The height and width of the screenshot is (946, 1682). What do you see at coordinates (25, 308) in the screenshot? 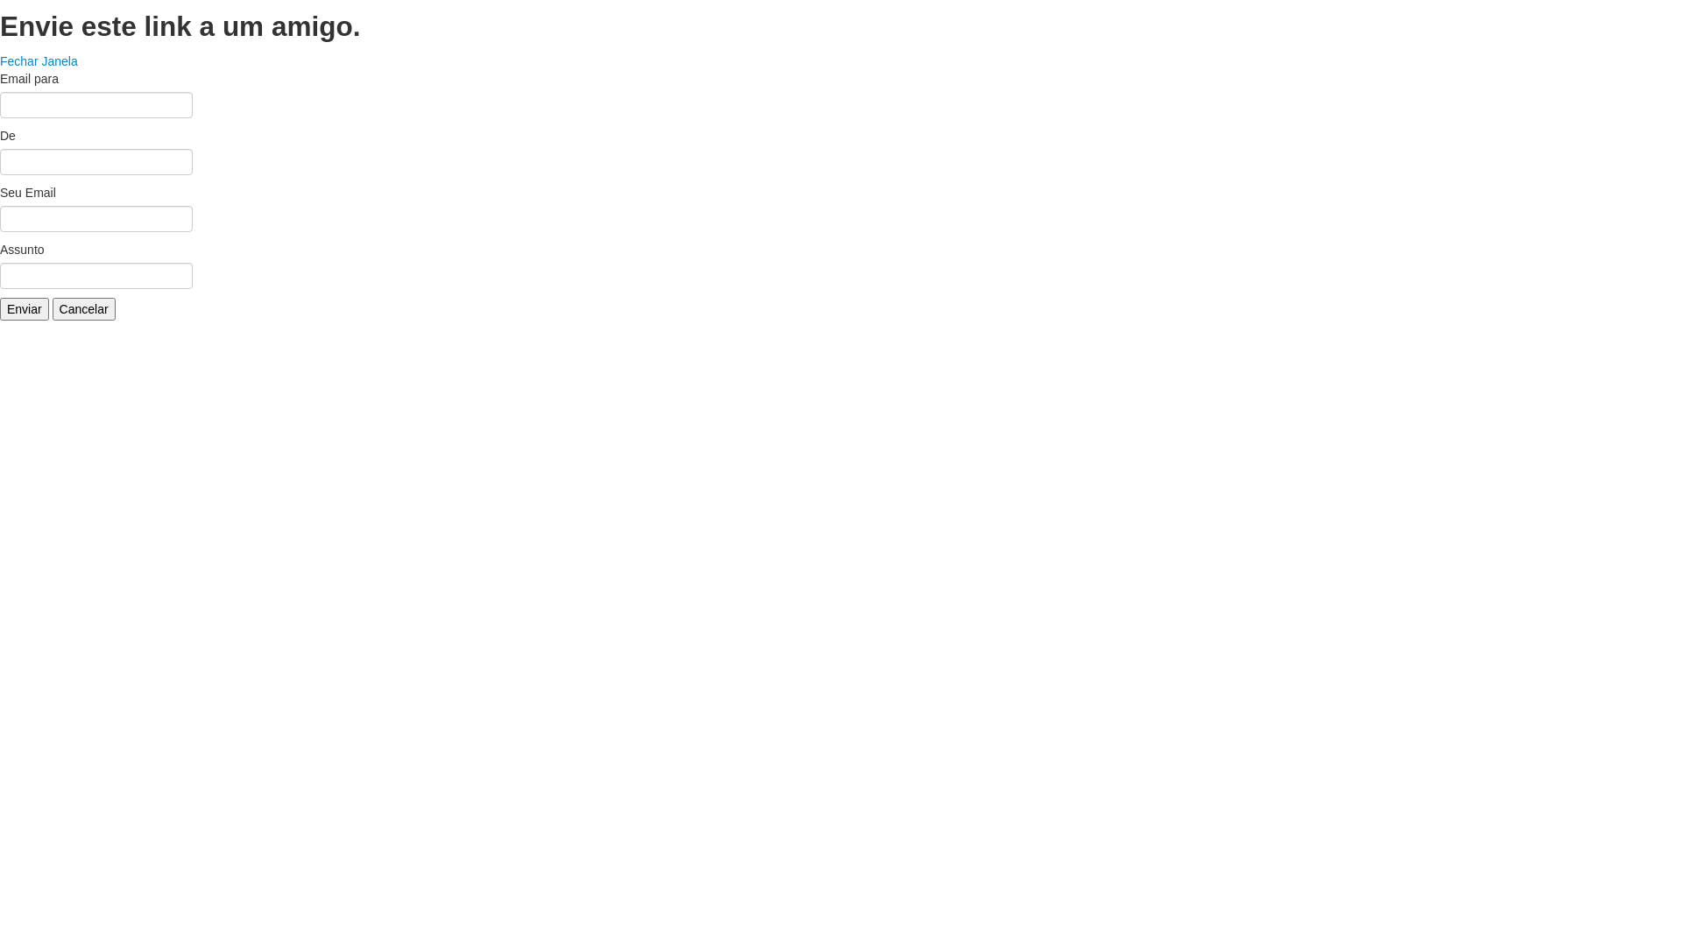
I see `'Enviar'` at bounding box center [25, 308].